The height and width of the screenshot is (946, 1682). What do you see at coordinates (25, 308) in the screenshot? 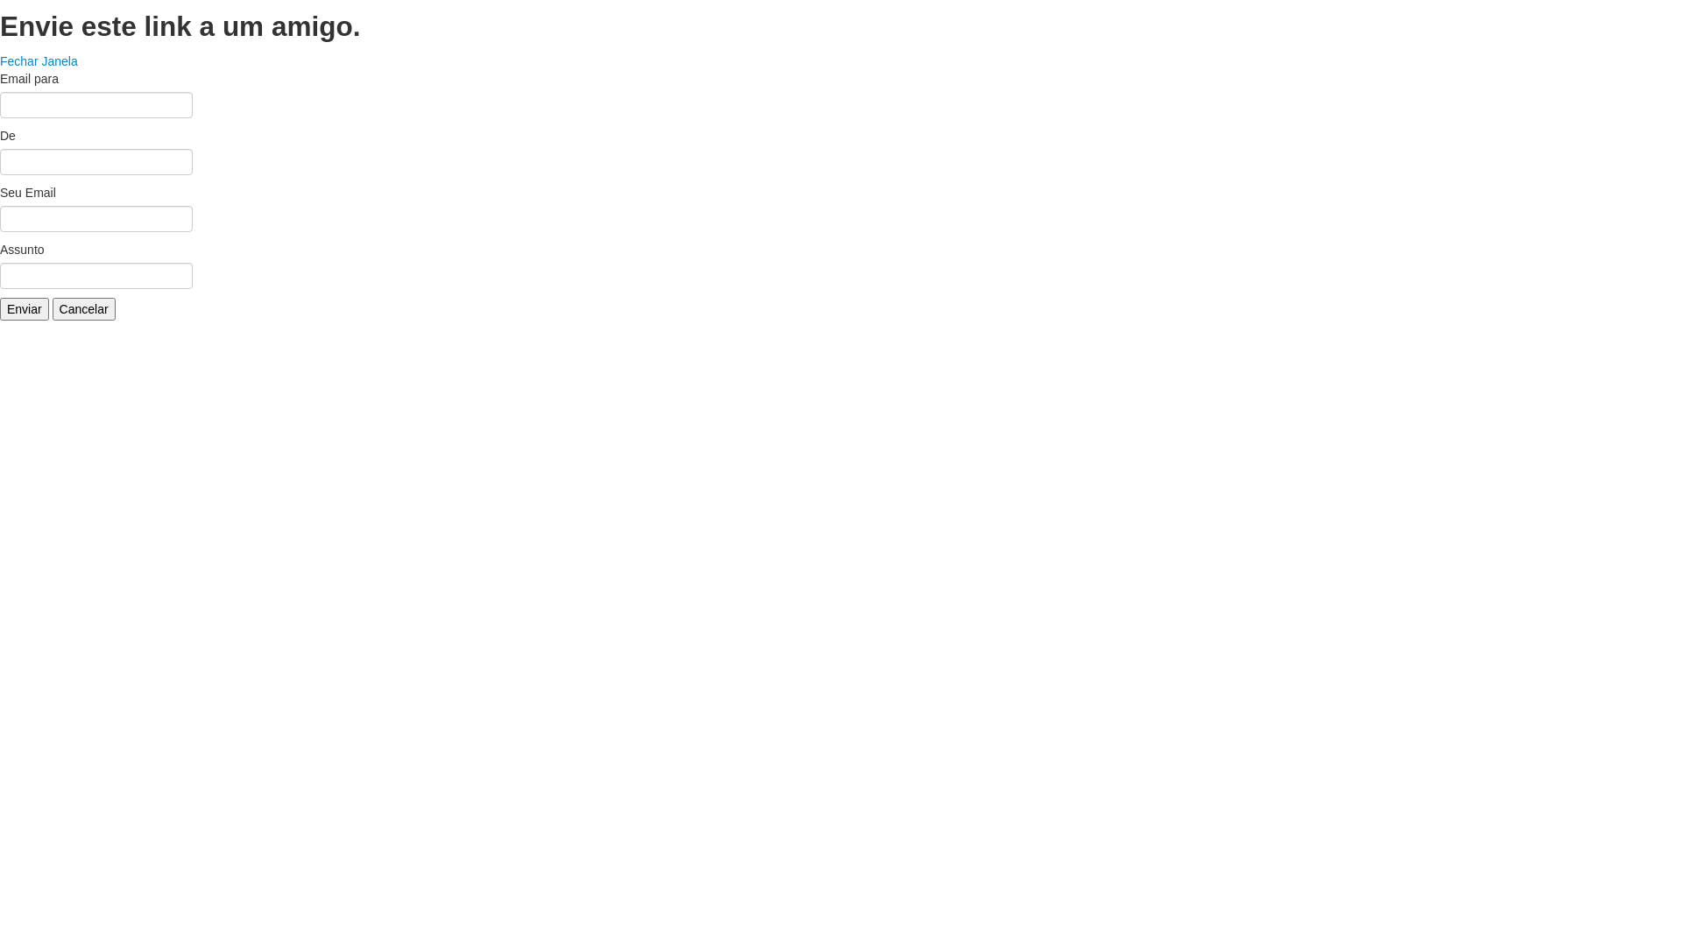
I see `'Enviar'` at bounding box center [25, 308].